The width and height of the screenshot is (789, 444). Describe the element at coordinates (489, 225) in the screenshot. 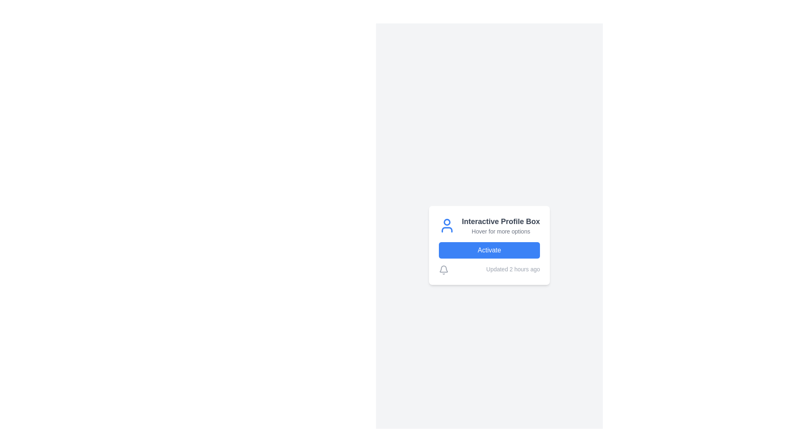

I see `the Profile Box which features a blue circular icon and the text 'Interactive Profile Box' followed by 'Hover for more options'` at that location.